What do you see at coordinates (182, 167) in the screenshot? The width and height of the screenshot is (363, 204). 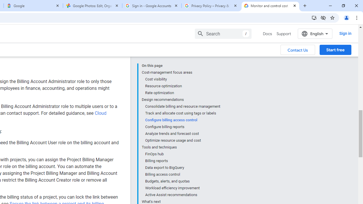 I see `'Data export to BigQuery'` at bounding box center [182, 167].